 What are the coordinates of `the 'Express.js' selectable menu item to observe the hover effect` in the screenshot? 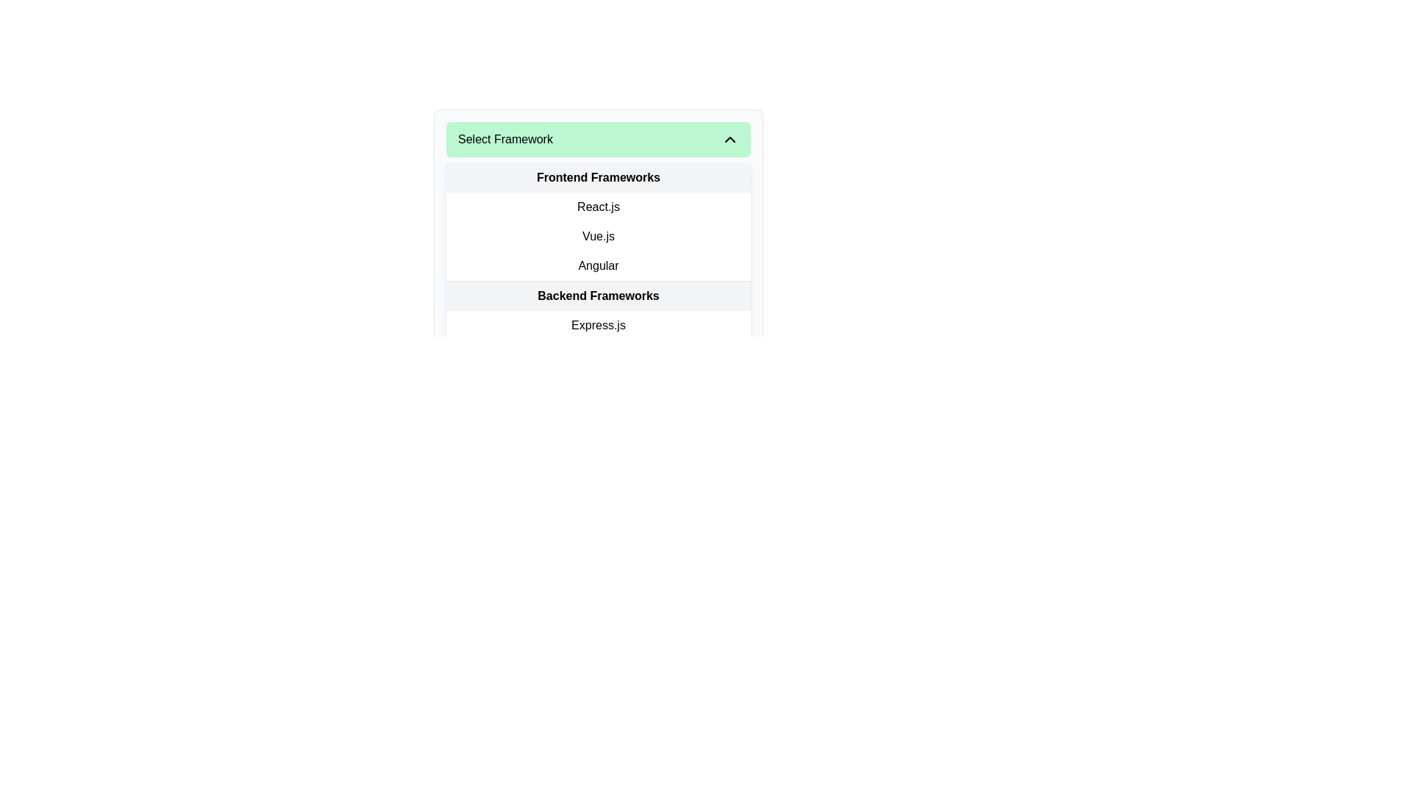 It's located at (599, 325).